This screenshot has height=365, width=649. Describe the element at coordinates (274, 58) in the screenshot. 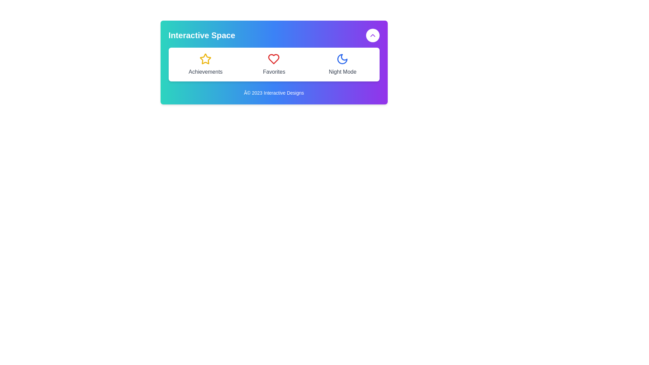

I see `the heart-shaped icon representing the 'Favorites' feature for accessible navigation` at that location.